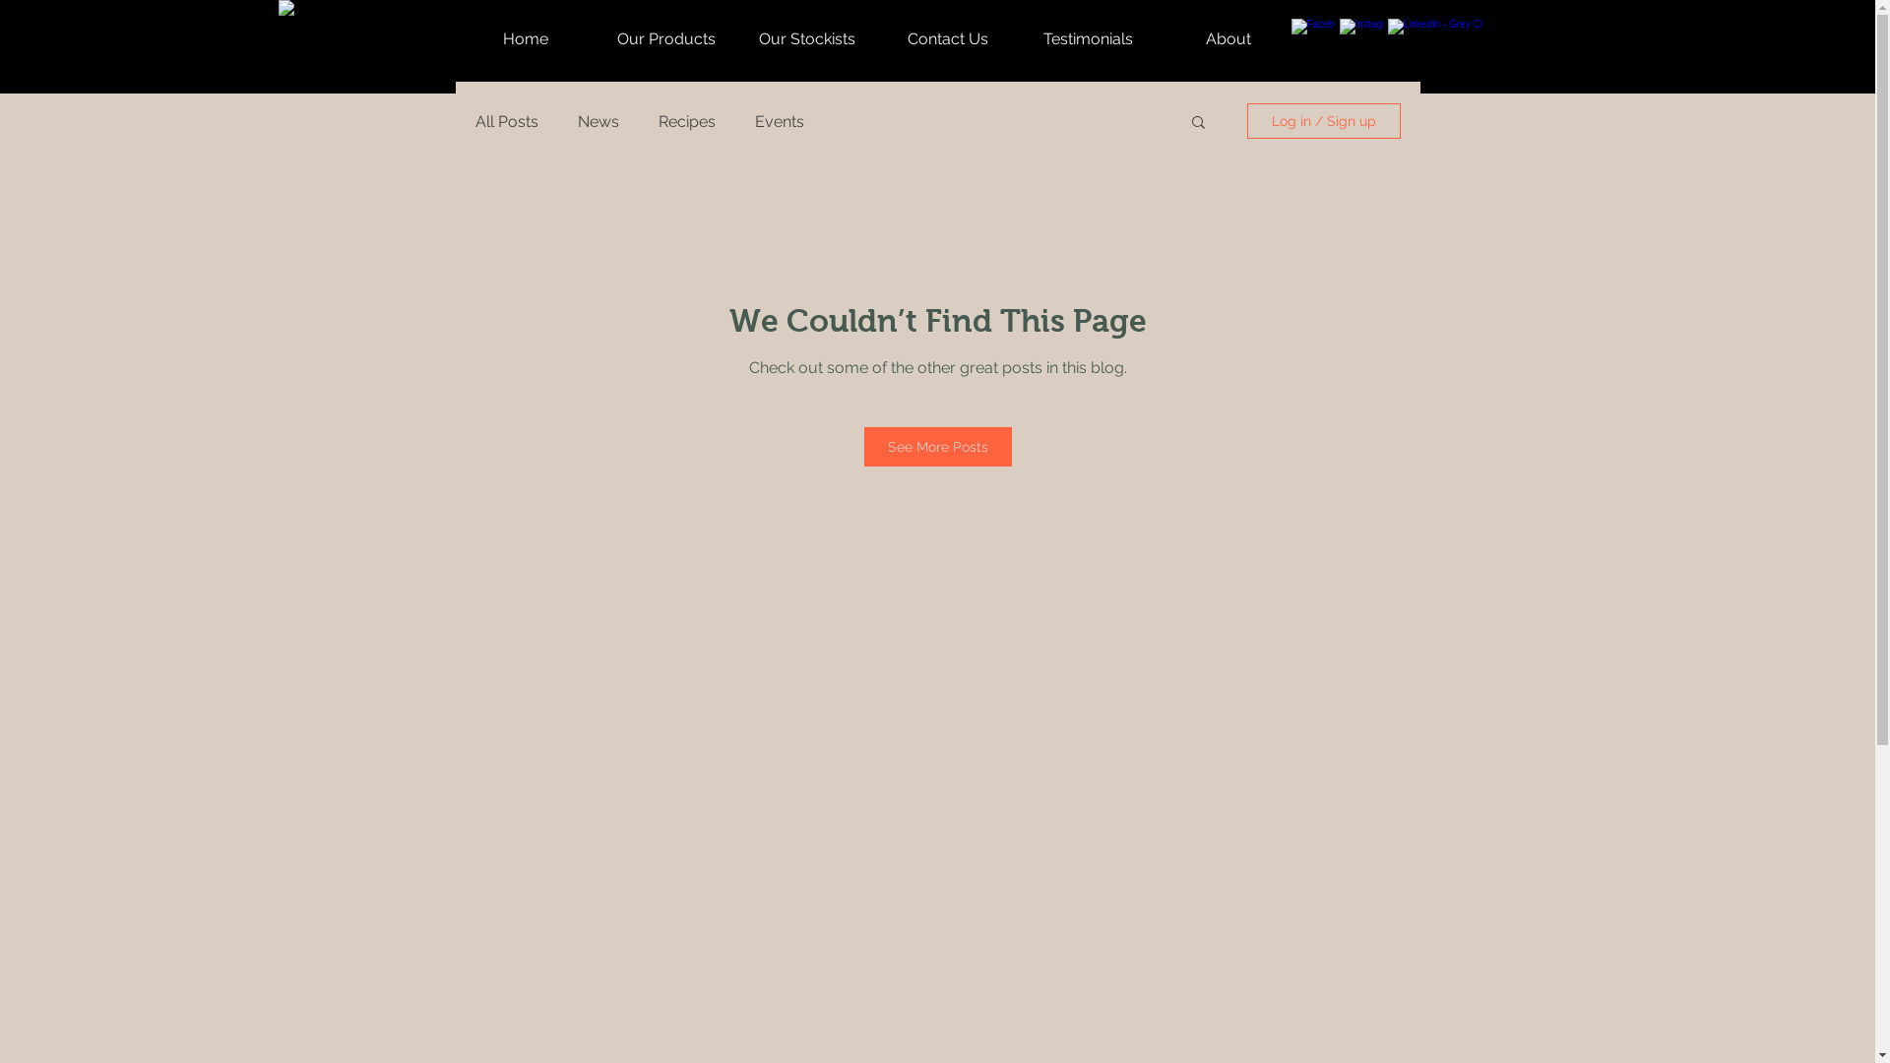  Describe the element at coordinates (685, 121) in the screenshot. I see `'Recipes'` at that location.